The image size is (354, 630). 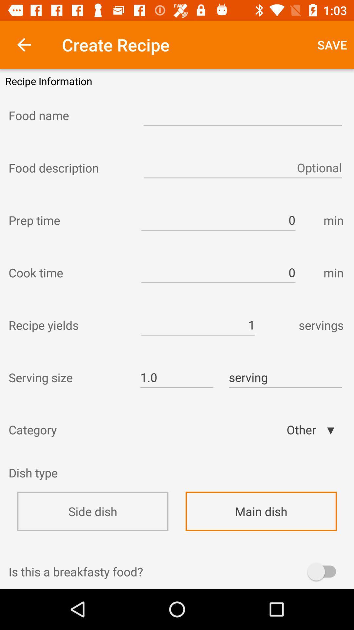 I want to click on the is this a, so click(x=177, y=571).